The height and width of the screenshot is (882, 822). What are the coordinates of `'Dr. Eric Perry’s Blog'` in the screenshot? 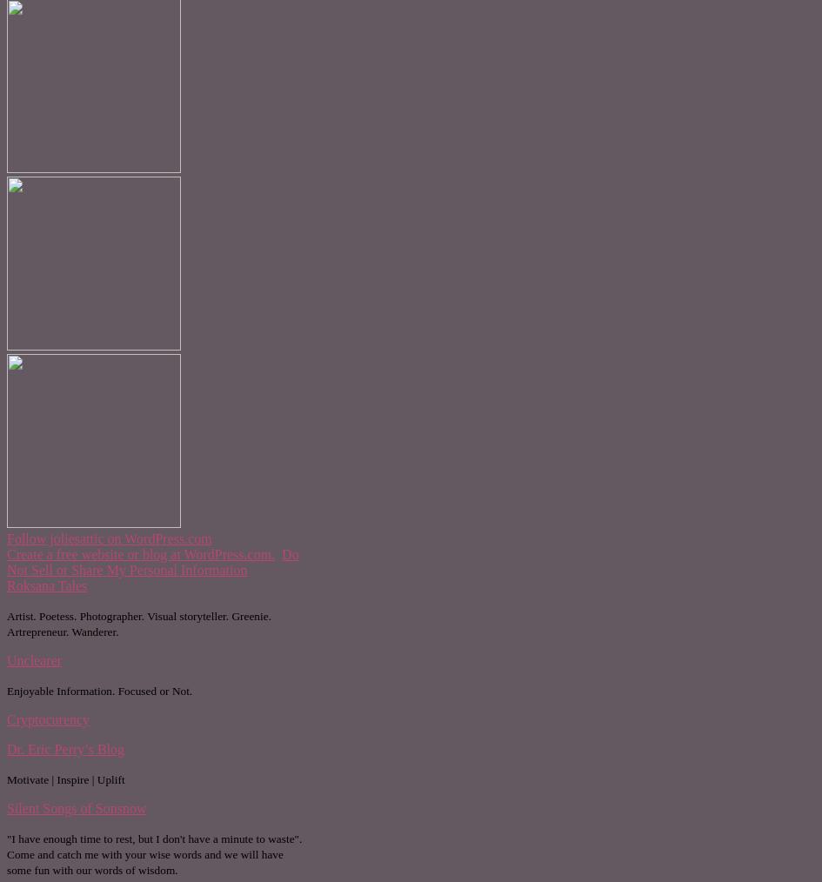 It's located at (64, 747).